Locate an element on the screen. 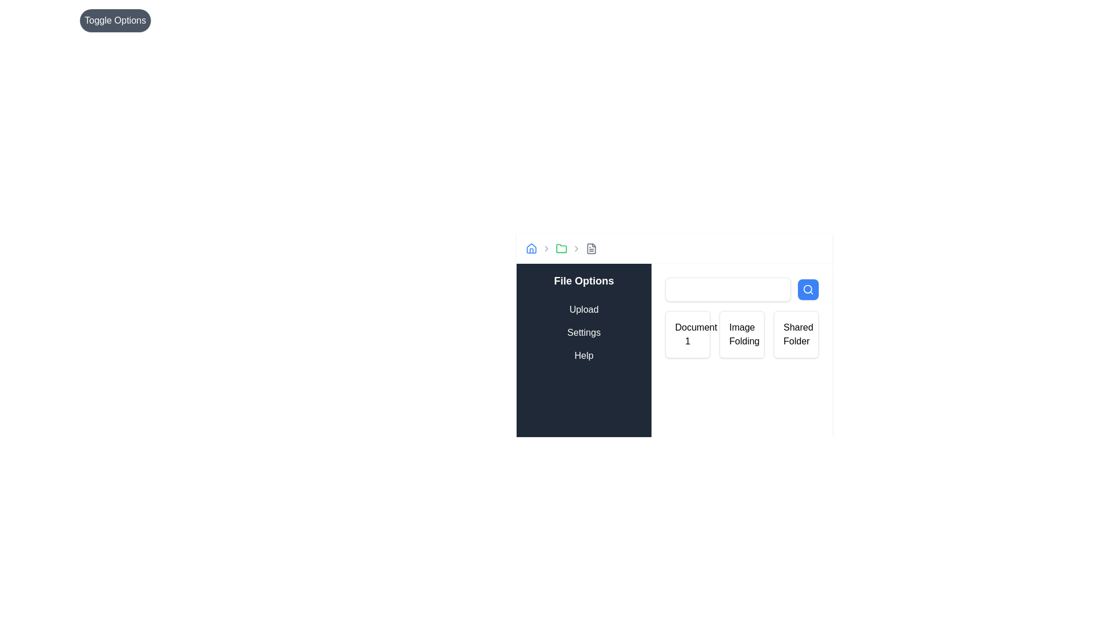  the 'Settings' button, which is the second button in a vertical list of three options in the sidebar is located at coordinates (583, 333).